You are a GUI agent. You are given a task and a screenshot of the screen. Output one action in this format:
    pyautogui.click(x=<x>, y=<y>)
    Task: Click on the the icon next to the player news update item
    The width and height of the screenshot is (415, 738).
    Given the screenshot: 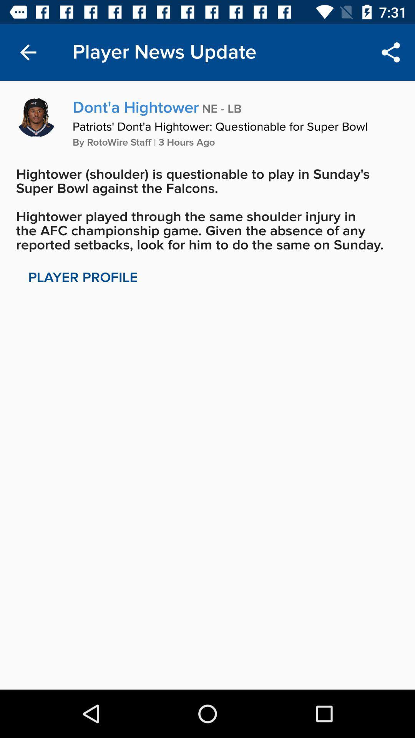 What is the action you would take?
    pyautogui.click(x=28, y=52)
    